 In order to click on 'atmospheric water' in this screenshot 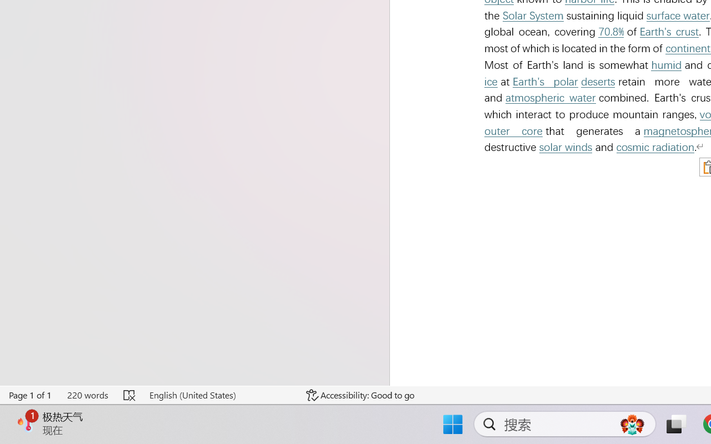, I will do `click(550, 97)`.